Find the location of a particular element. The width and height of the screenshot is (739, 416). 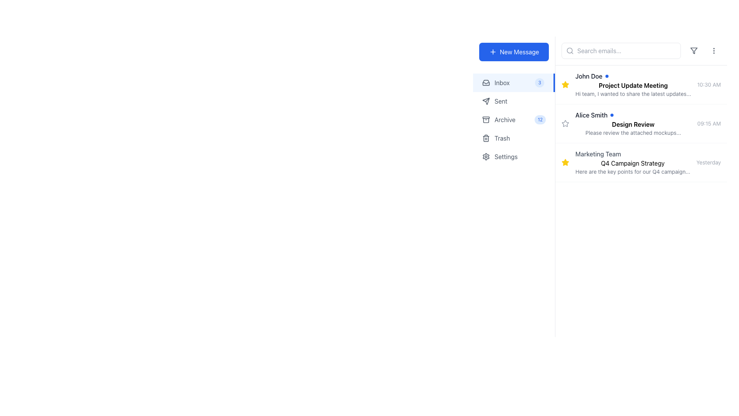

the star icon located to the left of the 'Marketing Team - Q4 Campaign Strategy' email is located at coordinates (565, 123).